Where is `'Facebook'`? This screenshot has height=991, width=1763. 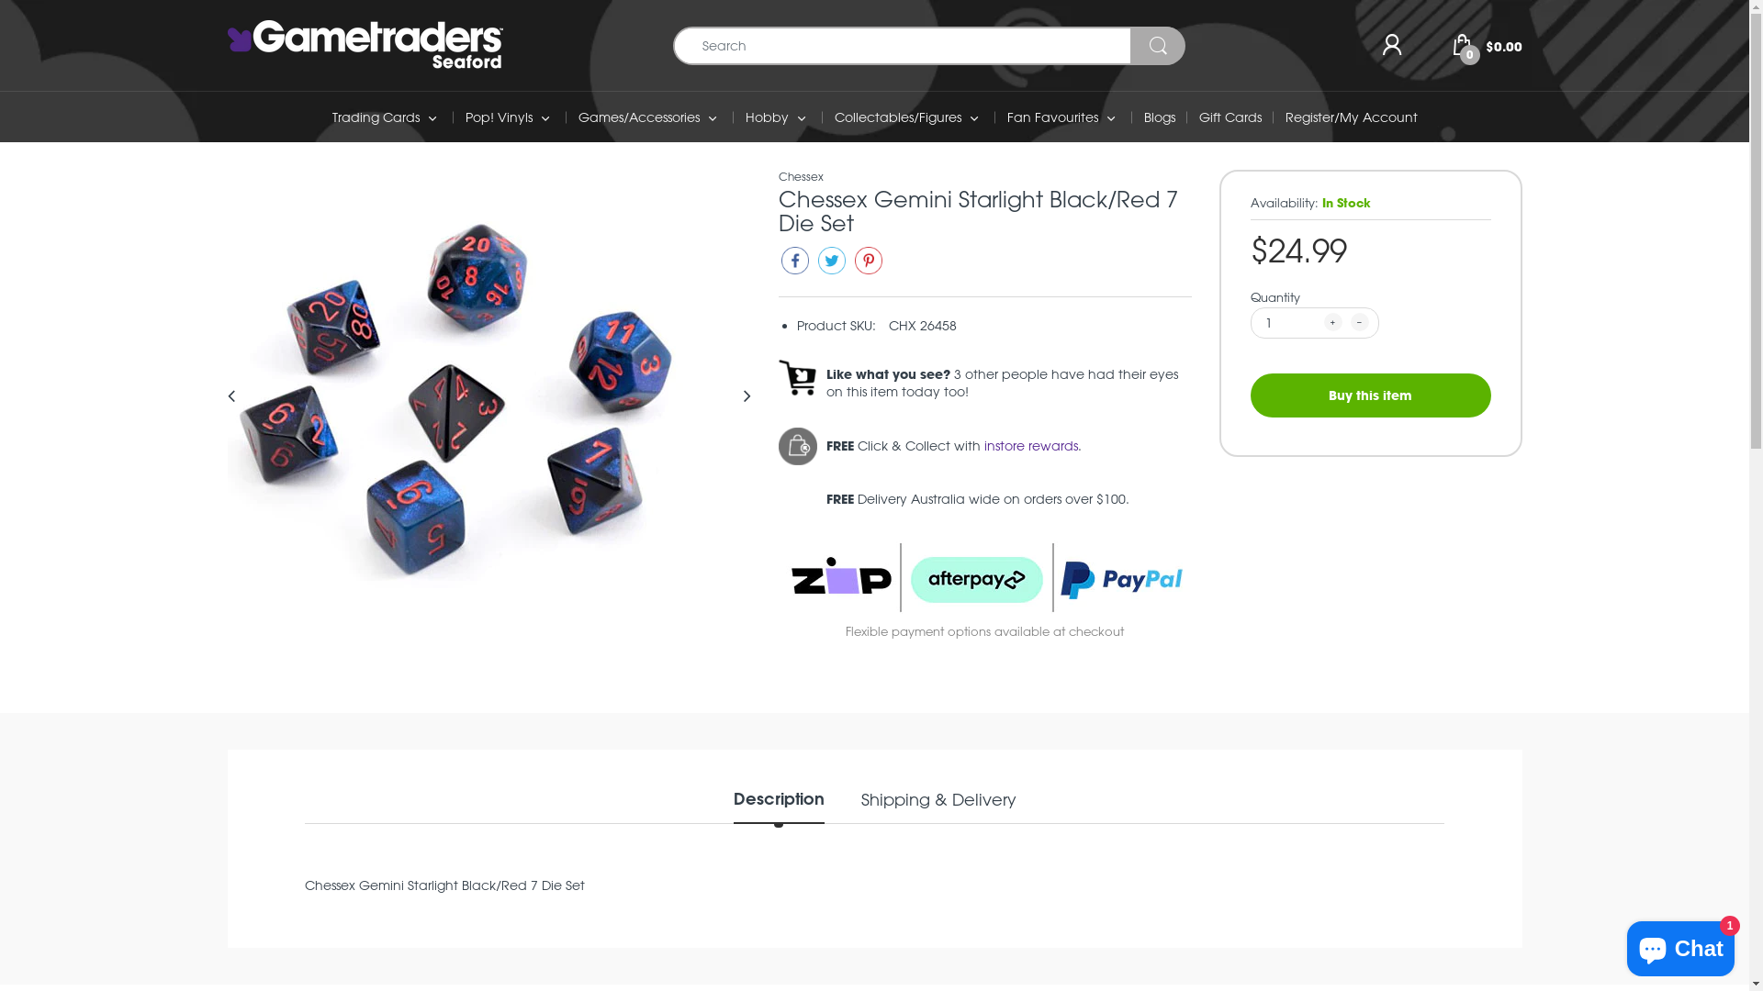
'Facebook' is located at coordinates (794, 264).